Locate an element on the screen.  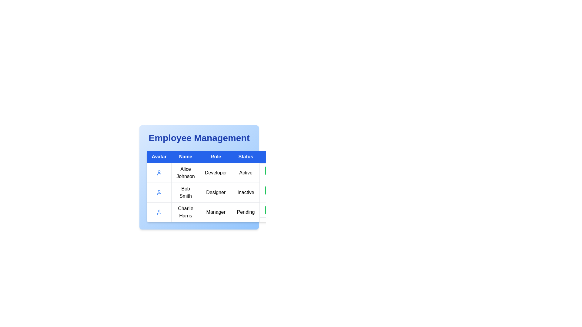
the group of actionable buttons associated with the 'Bob Smith' entry in the Employee Management section to observe tooltips or highlighted effects is located at coordinates (282, 190).